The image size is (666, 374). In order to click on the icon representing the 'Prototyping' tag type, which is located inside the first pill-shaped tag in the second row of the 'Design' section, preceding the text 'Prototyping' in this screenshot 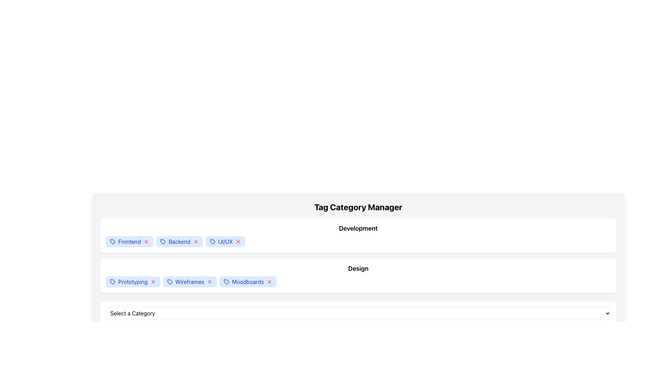, I will do `click(113, 282)`.